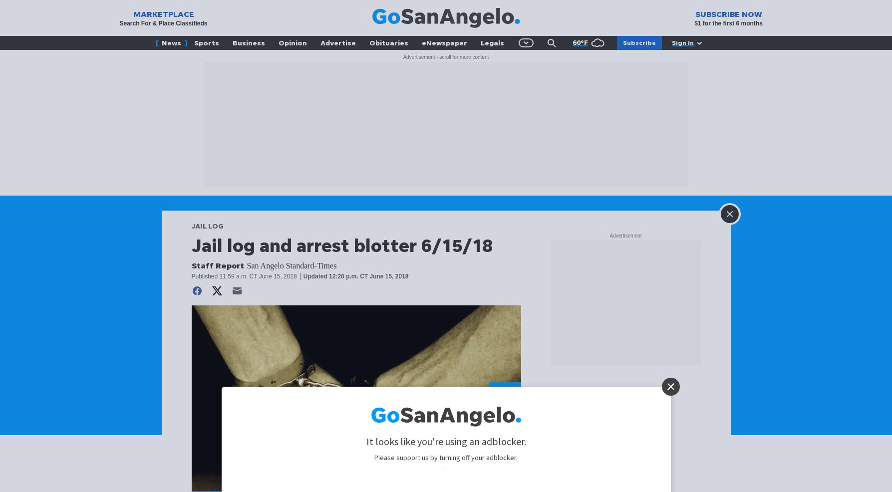 This screenshot has width=892, height=492. Describe the element at coordinates (446, 457) in the screenshot. I see `'Please support us by turning off your adblocker.'` at that location.